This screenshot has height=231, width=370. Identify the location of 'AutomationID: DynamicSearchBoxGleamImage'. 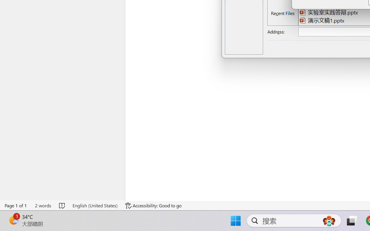
(329, 221).